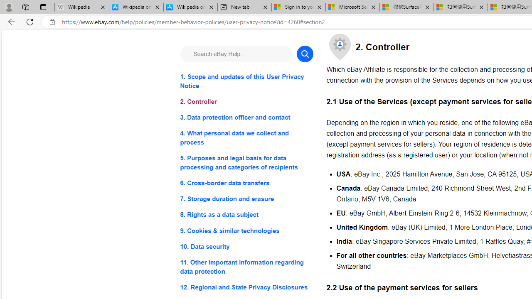 The width and height of the screenshot is (532, 299). Describe the element at coordinates (246, 214) in the screenshot. I see `'8. Rights as a data subject'` at that location.